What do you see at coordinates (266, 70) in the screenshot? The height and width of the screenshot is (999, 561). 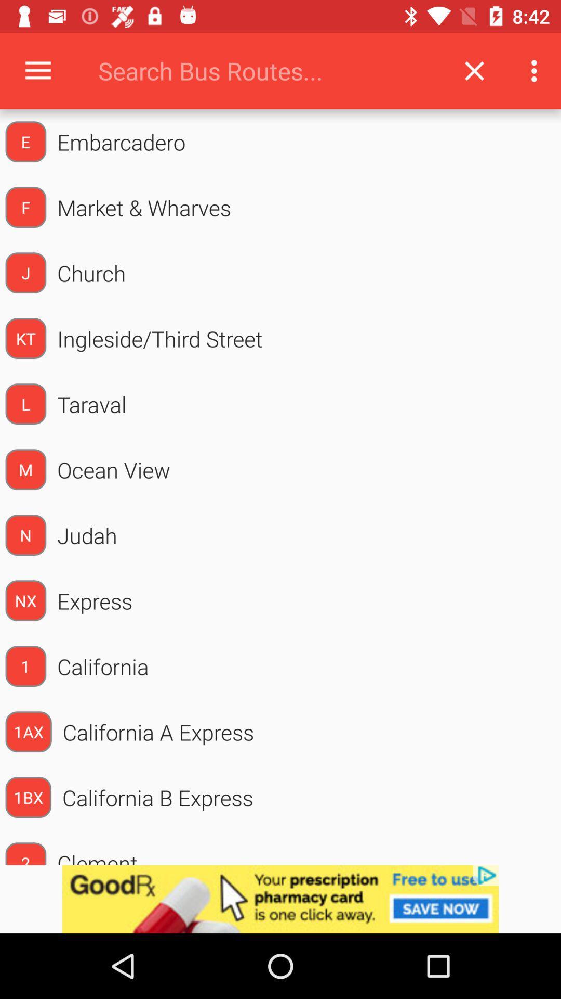 I see `search for bus routes` at bounding box center [266, 70].